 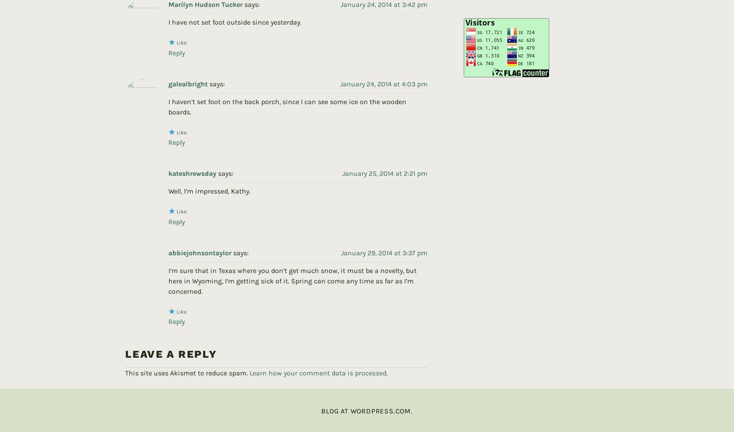 I want to click on 'I’m sure that in Texas where you don’t get much snow, it must be a novelty, but here in Wyoming, I’m getting sick of it. Spring can come any time as far as I’m concerned.', so click(x=292, y=266).